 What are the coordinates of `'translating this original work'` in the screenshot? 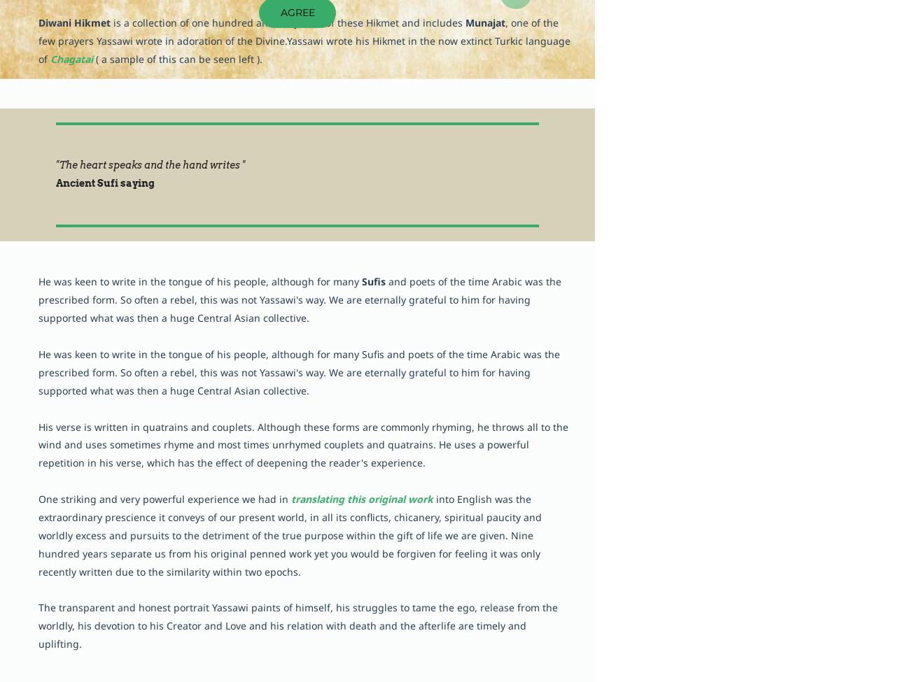 It's located at (362, 498).